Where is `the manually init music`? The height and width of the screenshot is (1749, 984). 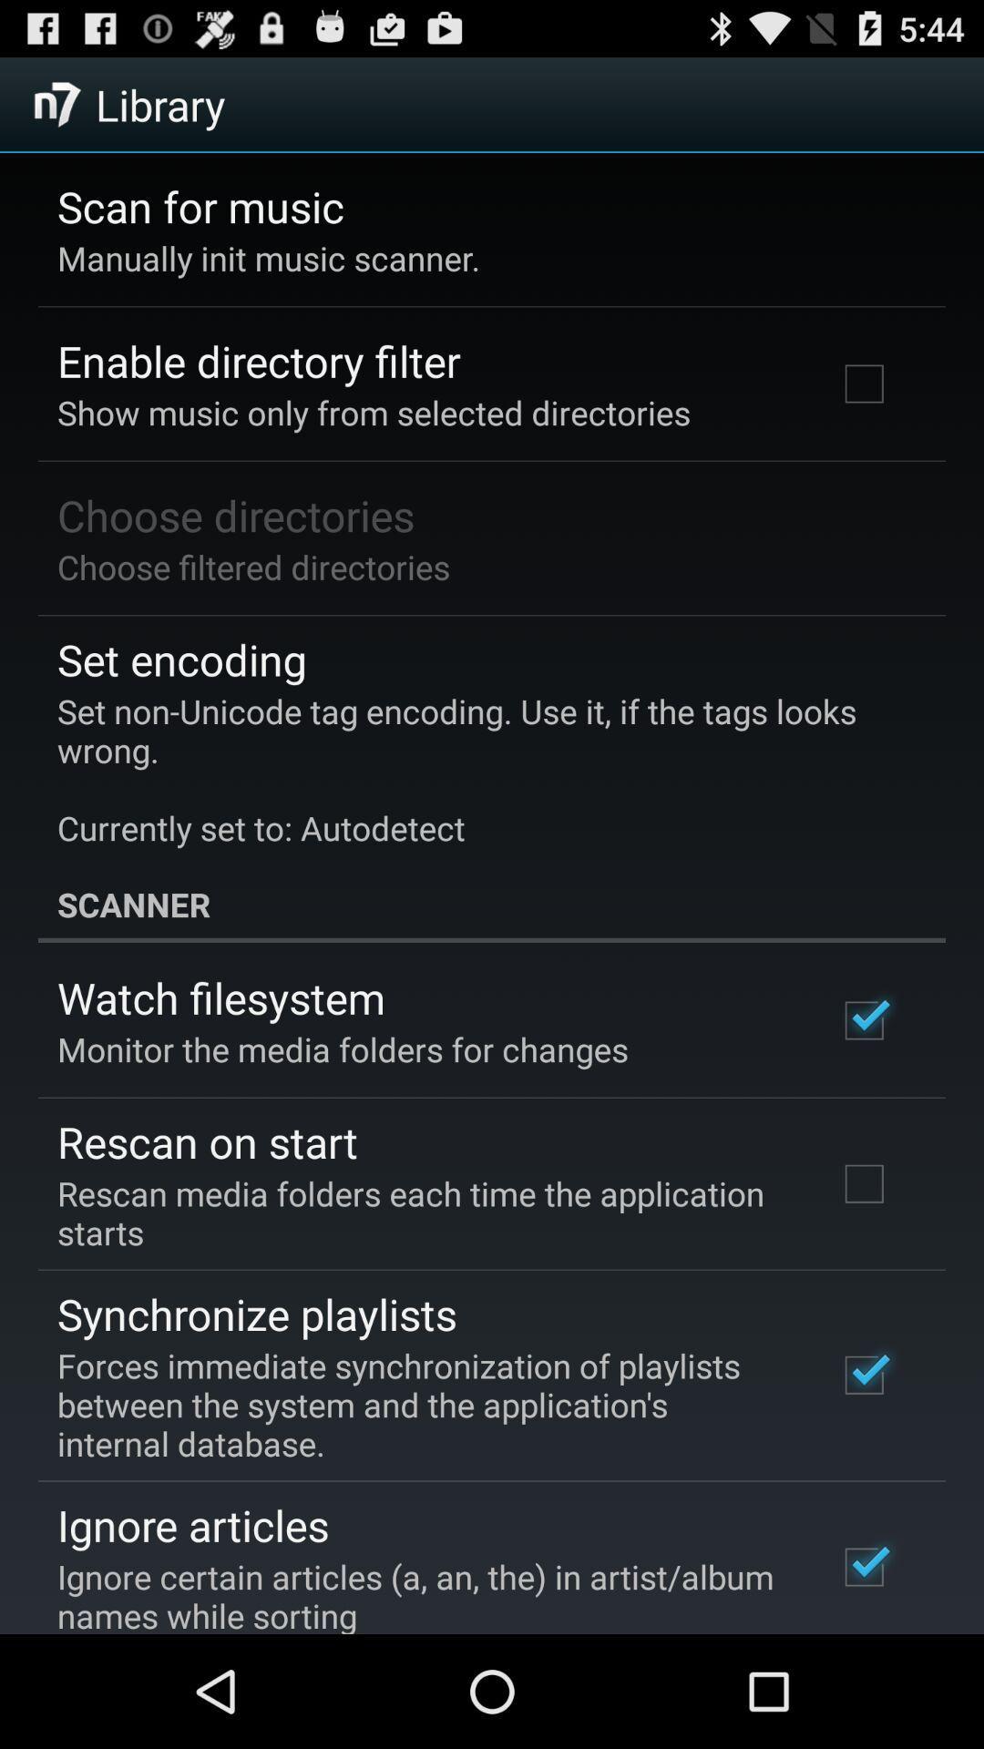
the manually init music is located at coordinates (269, 257).